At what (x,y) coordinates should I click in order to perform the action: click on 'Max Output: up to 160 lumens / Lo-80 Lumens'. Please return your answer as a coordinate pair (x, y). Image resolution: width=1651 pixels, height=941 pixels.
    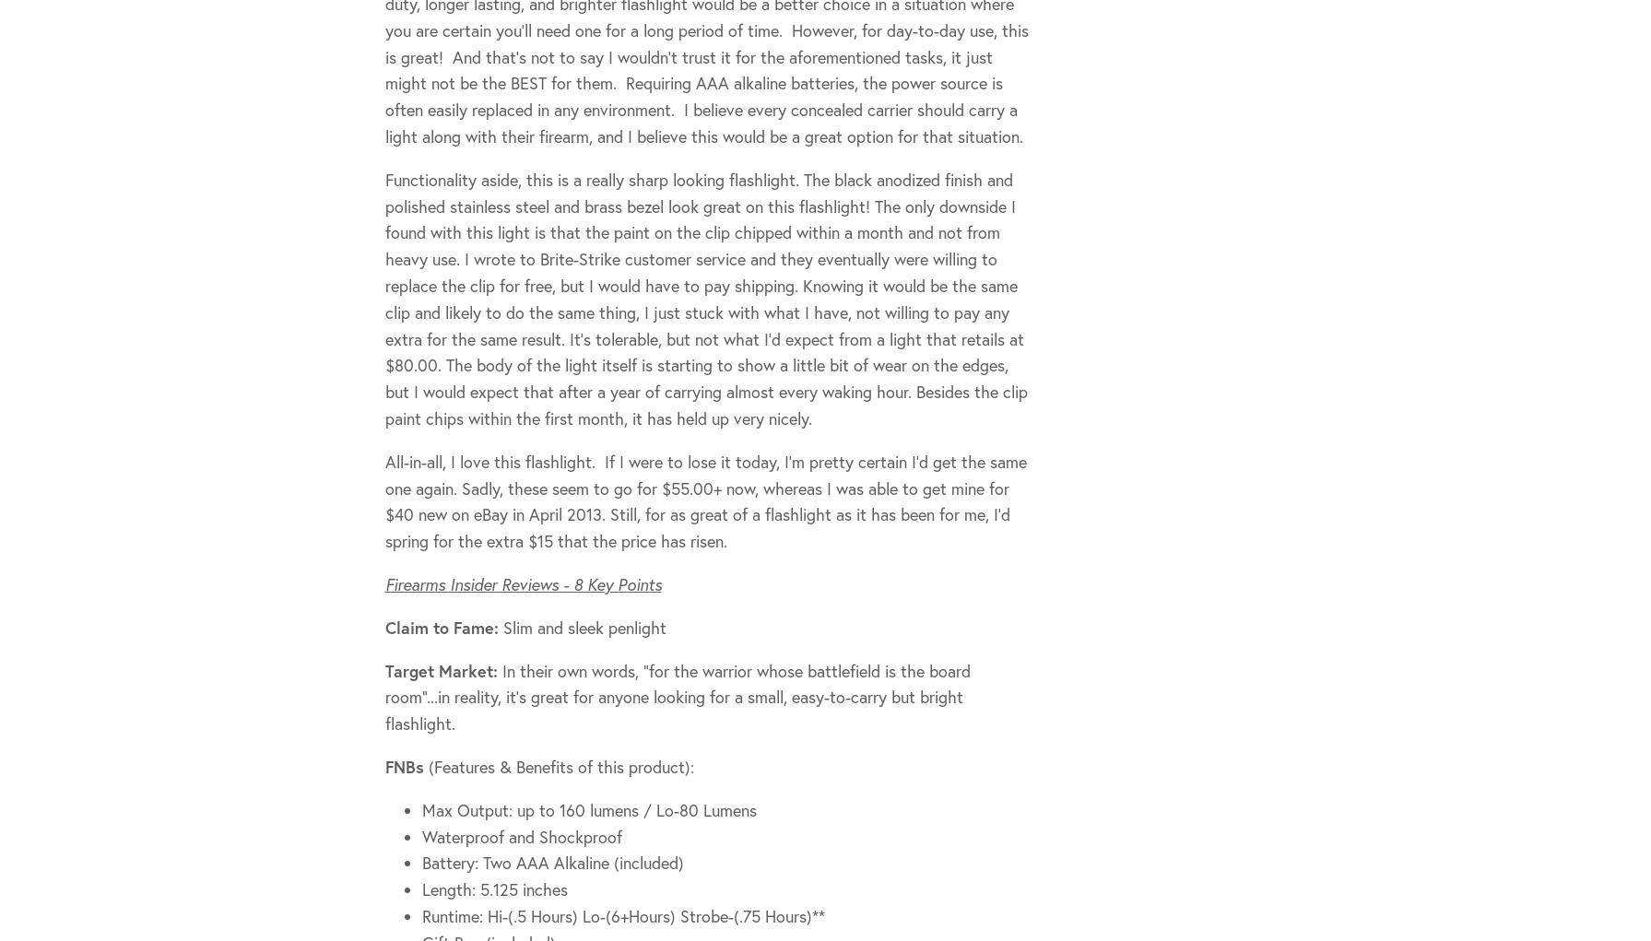
    Looking at the image, I should click on (588, 807).